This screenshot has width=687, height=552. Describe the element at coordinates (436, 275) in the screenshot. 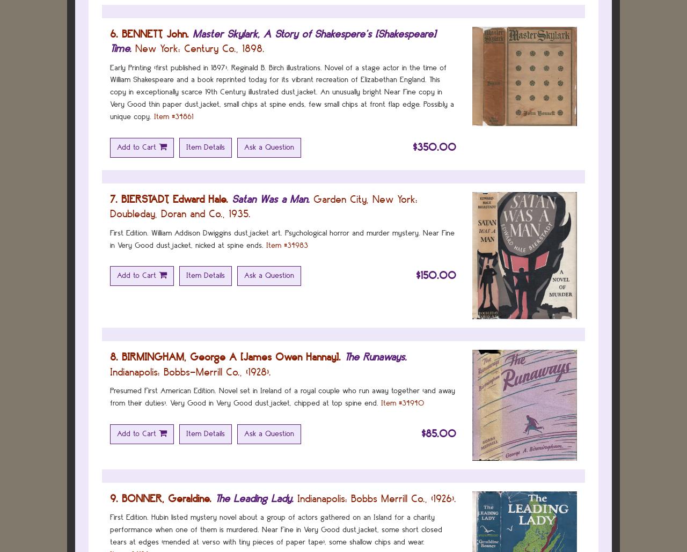

I see `'$150.00'` at that location.